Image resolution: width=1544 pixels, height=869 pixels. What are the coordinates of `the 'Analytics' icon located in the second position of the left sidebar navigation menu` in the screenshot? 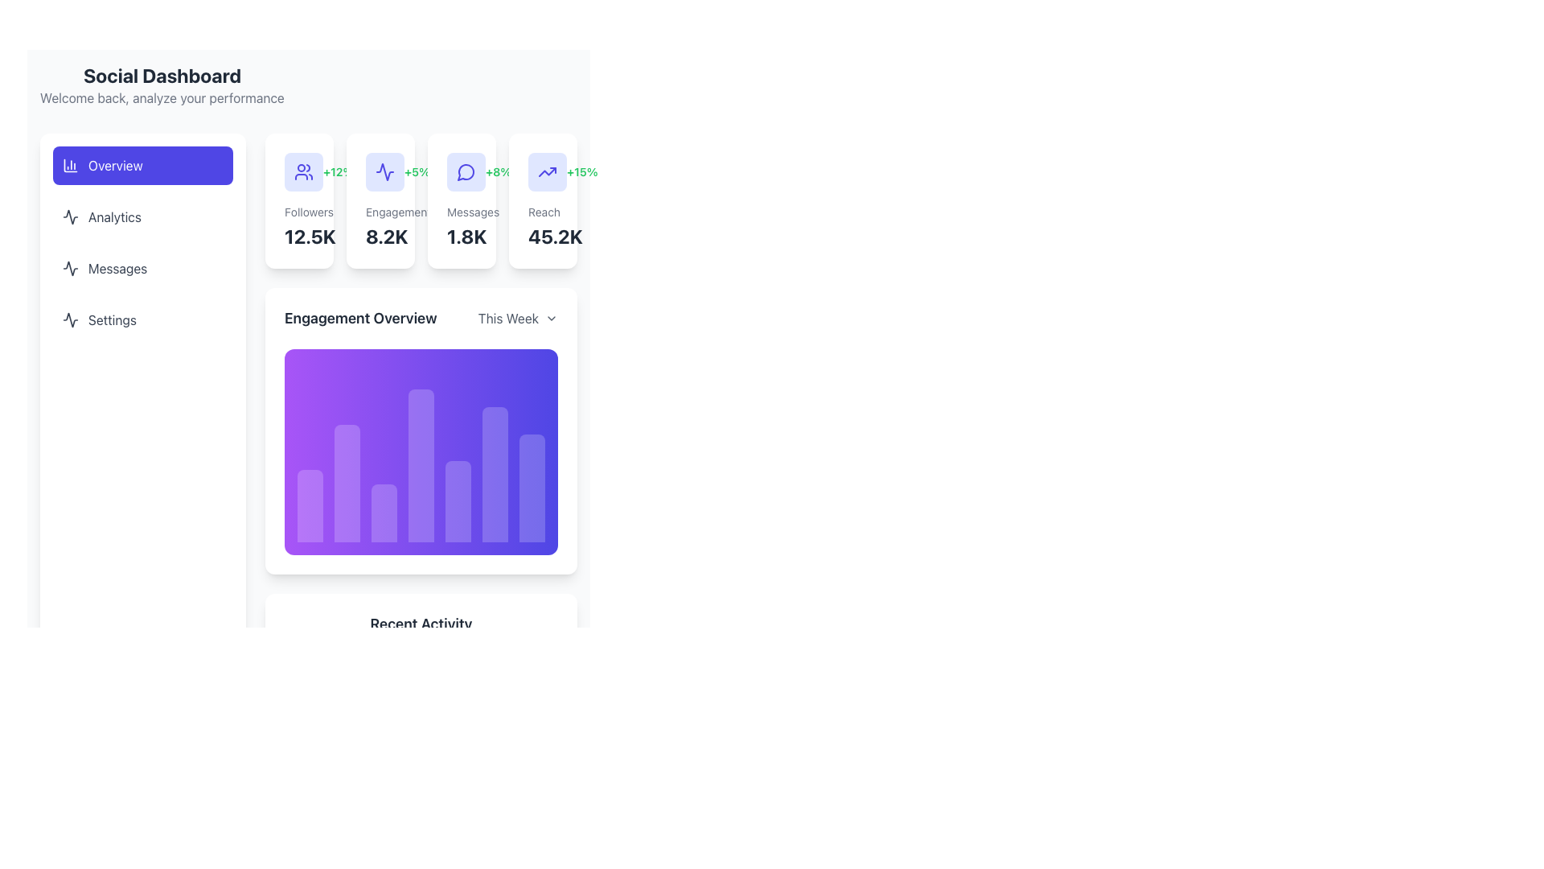 It's located at (69, 217).